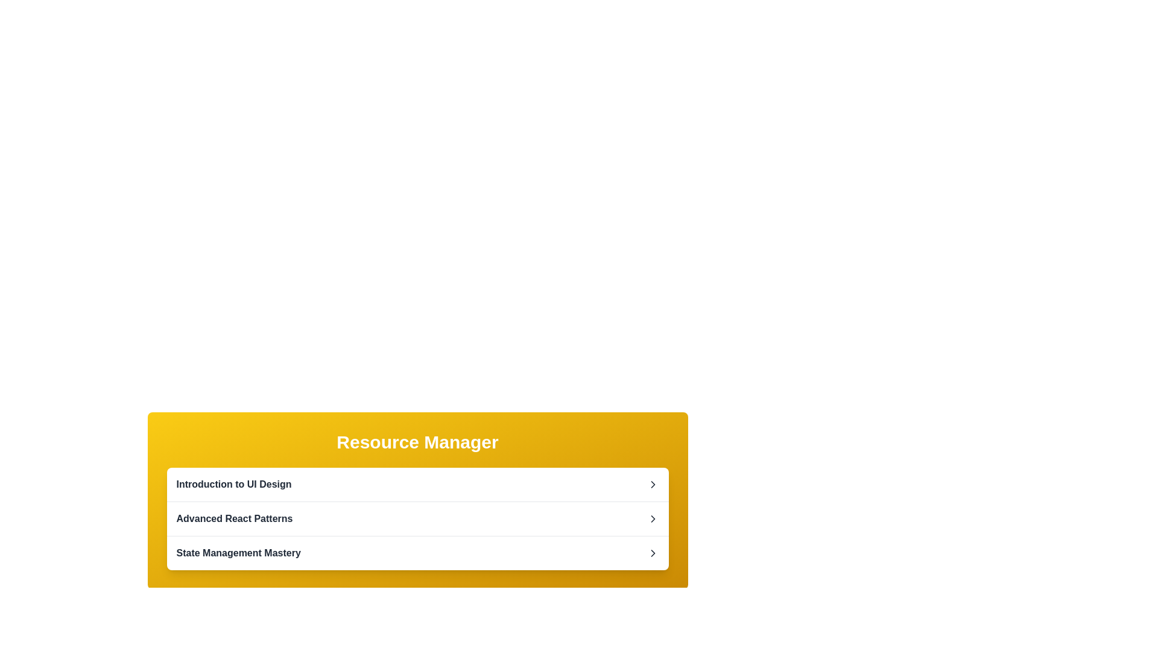  Describe the element at coordinates (417, 518) in the screenshot. I see `the second list item in the vertical list labeled 'Advanced React Patterns'` at that location.